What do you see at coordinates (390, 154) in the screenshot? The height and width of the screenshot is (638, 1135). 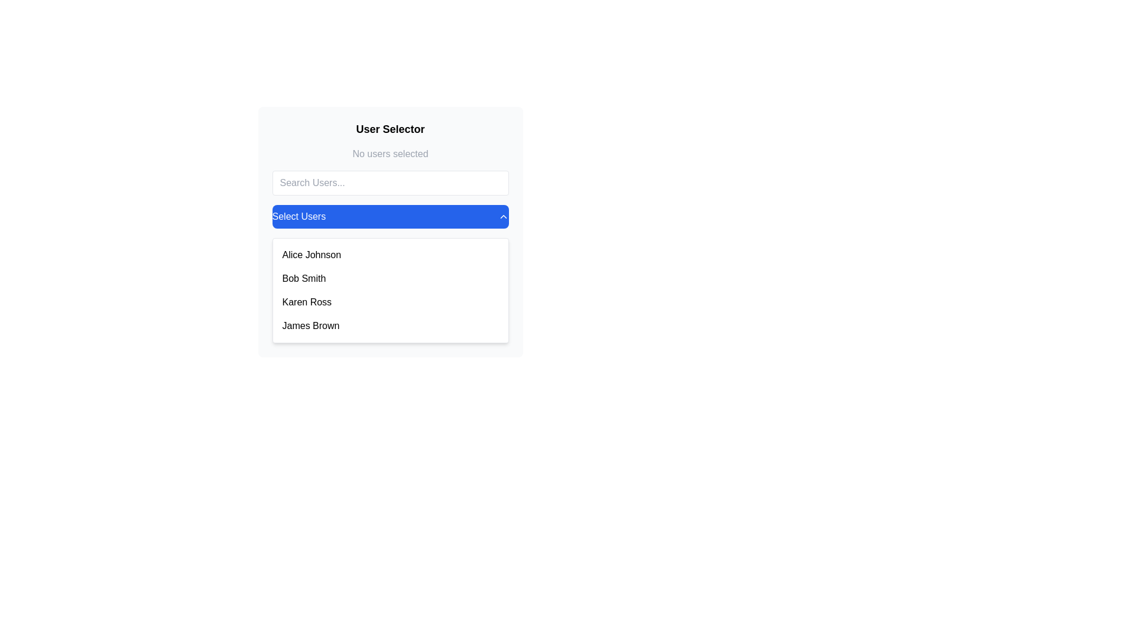 I see `the Static Text Label that reads 'No users selected', which is styled with a gray font and is located below the 'User Selector' header` at bounding box center [390, 154].